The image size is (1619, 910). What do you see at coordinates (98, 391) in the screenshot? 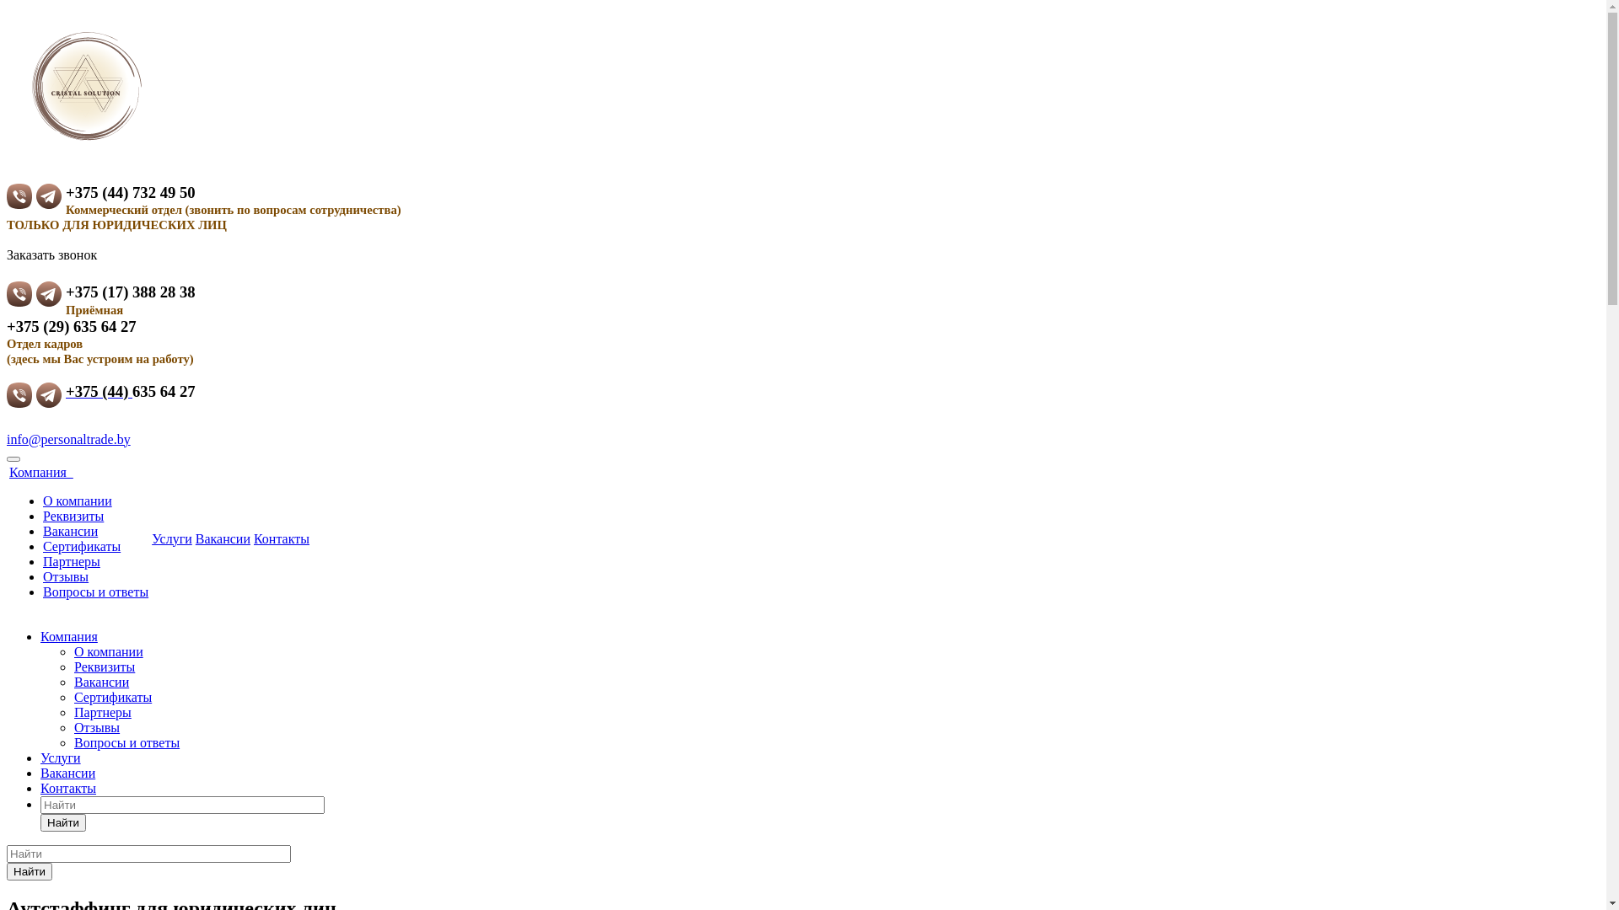
I see `'+375 (44) '` at bounding box center [98, 391].